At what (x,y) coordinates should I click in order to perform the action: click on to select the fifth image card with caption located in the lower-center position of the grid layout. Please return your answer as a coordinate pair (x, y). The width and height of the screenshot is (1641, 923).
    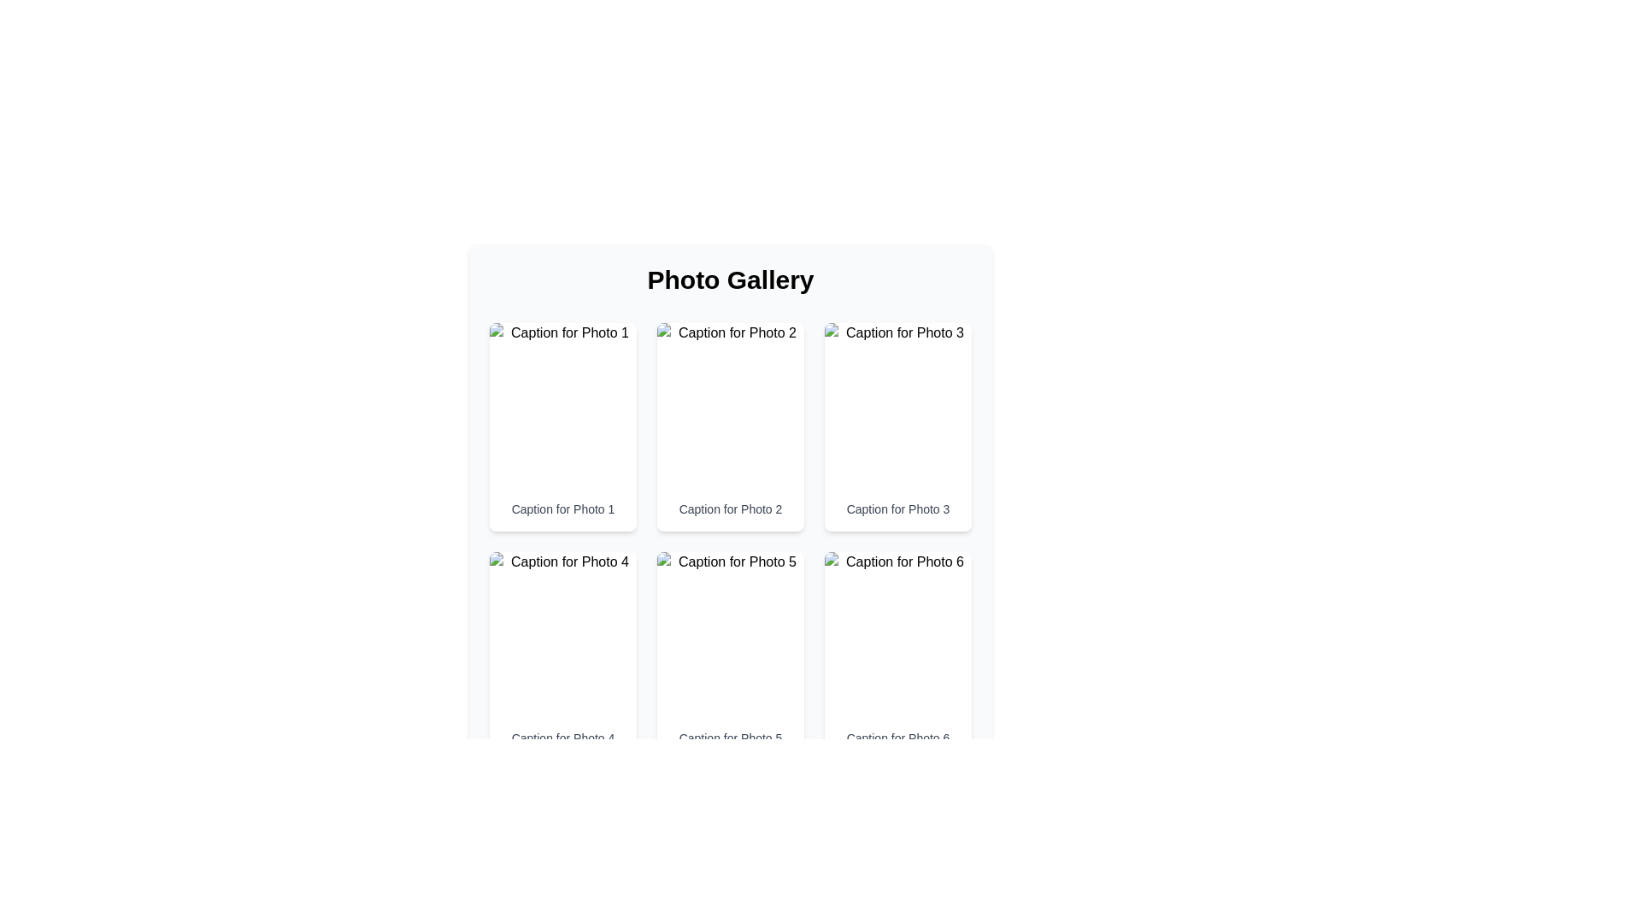
    Looking at the image, I should click on (730, 655).